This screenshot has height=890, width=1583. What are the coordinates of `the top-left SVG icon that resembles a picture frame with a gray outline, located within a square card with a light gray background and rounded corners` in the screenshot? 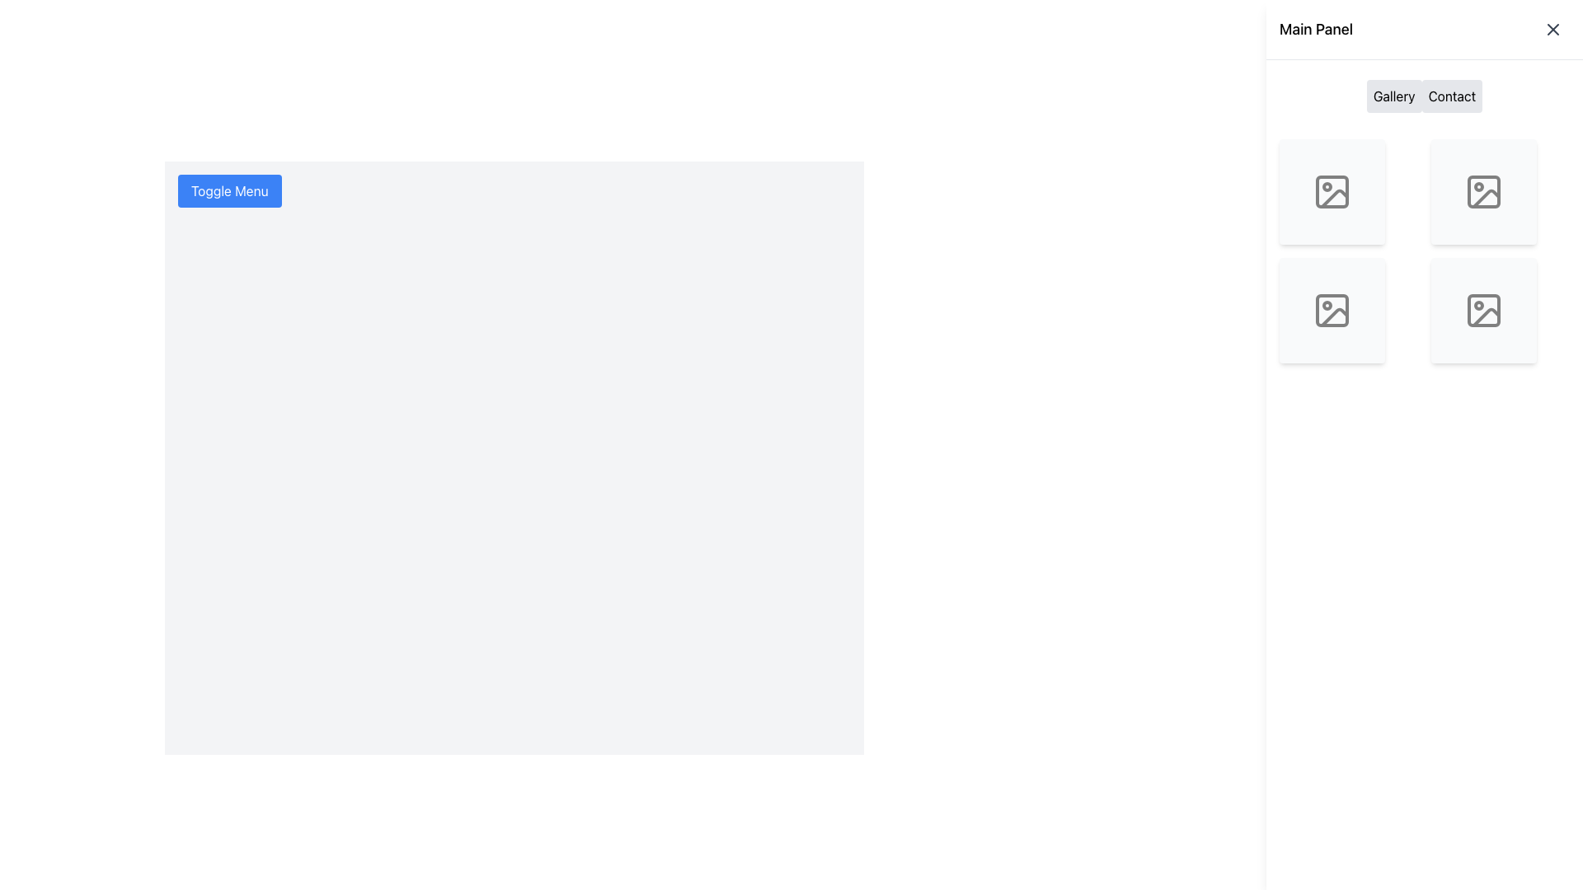 It's located at (1332, 190).